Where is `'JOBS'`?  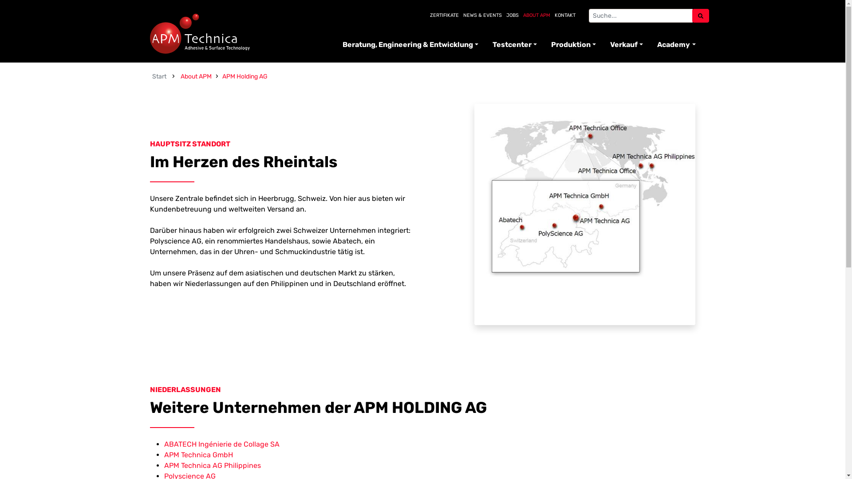 'JOBS' is located at coordinates (512, 15).